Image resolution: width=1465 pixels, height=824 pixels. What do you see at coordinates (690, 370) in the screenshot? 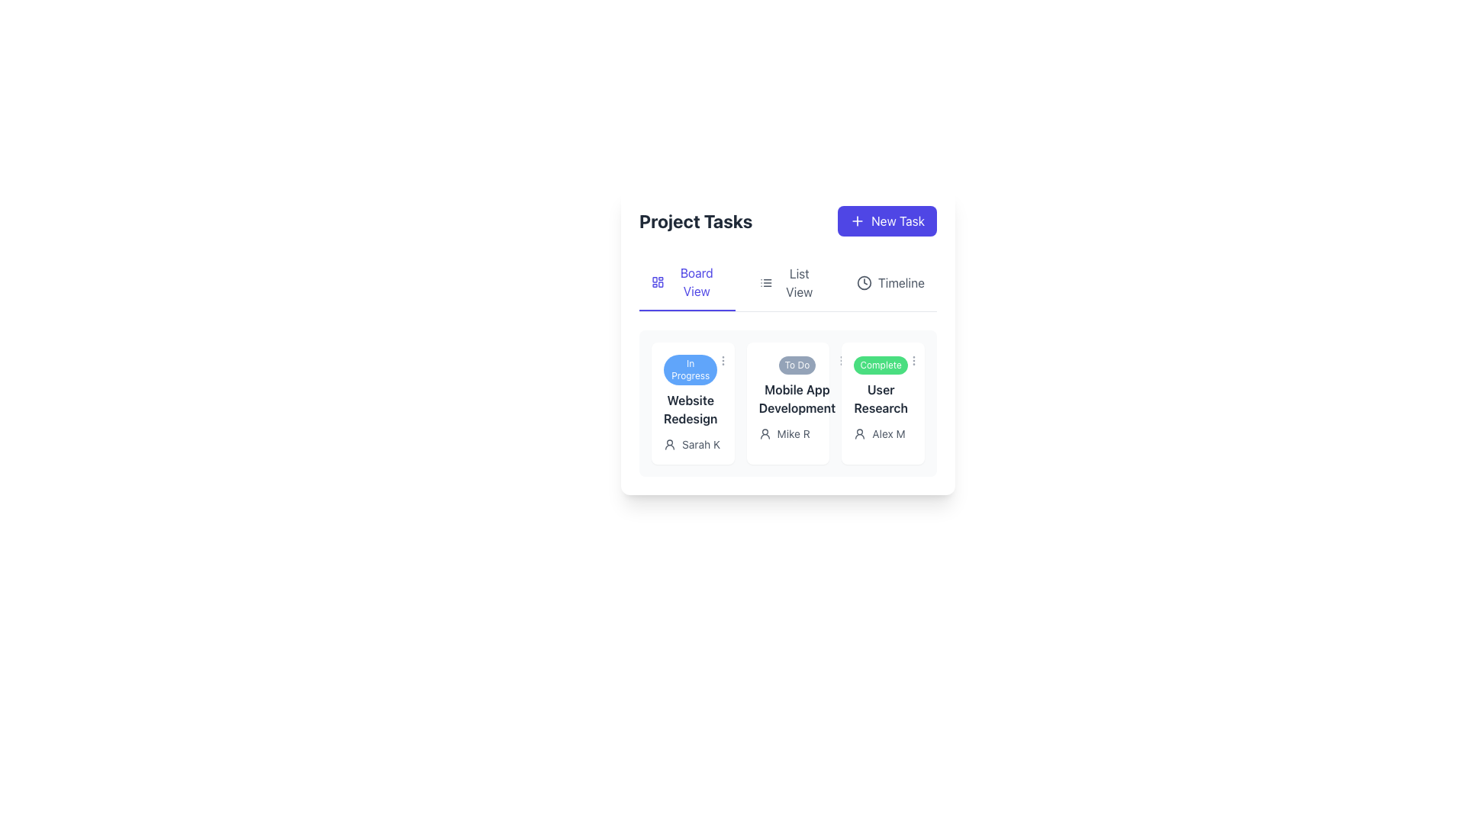
I see `status text from the badge indicating the current status of the project 'Website Redesign', which is located at the top section of the first project card in the 'Board View'` at bounding box center [690, 370].